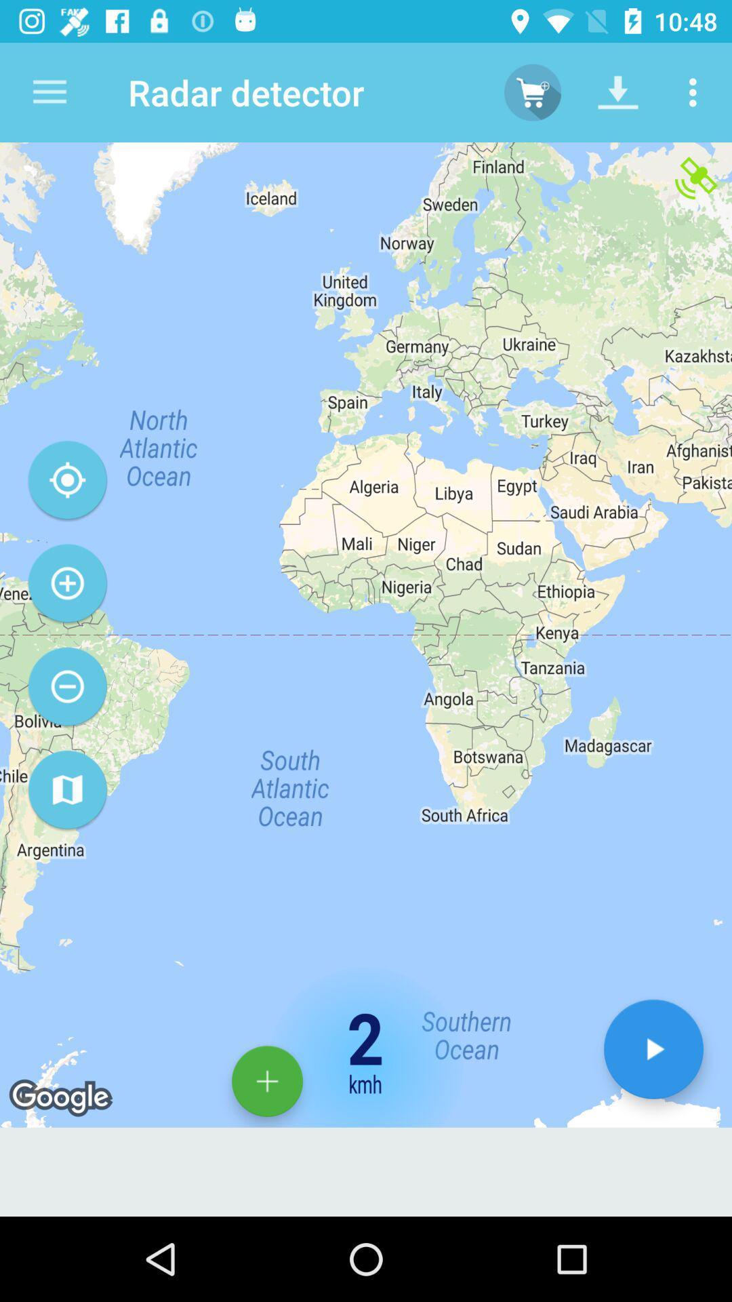 The height and width of the screenshot is (1302, 732). I want to click on the add icon, so click(267, 1080).